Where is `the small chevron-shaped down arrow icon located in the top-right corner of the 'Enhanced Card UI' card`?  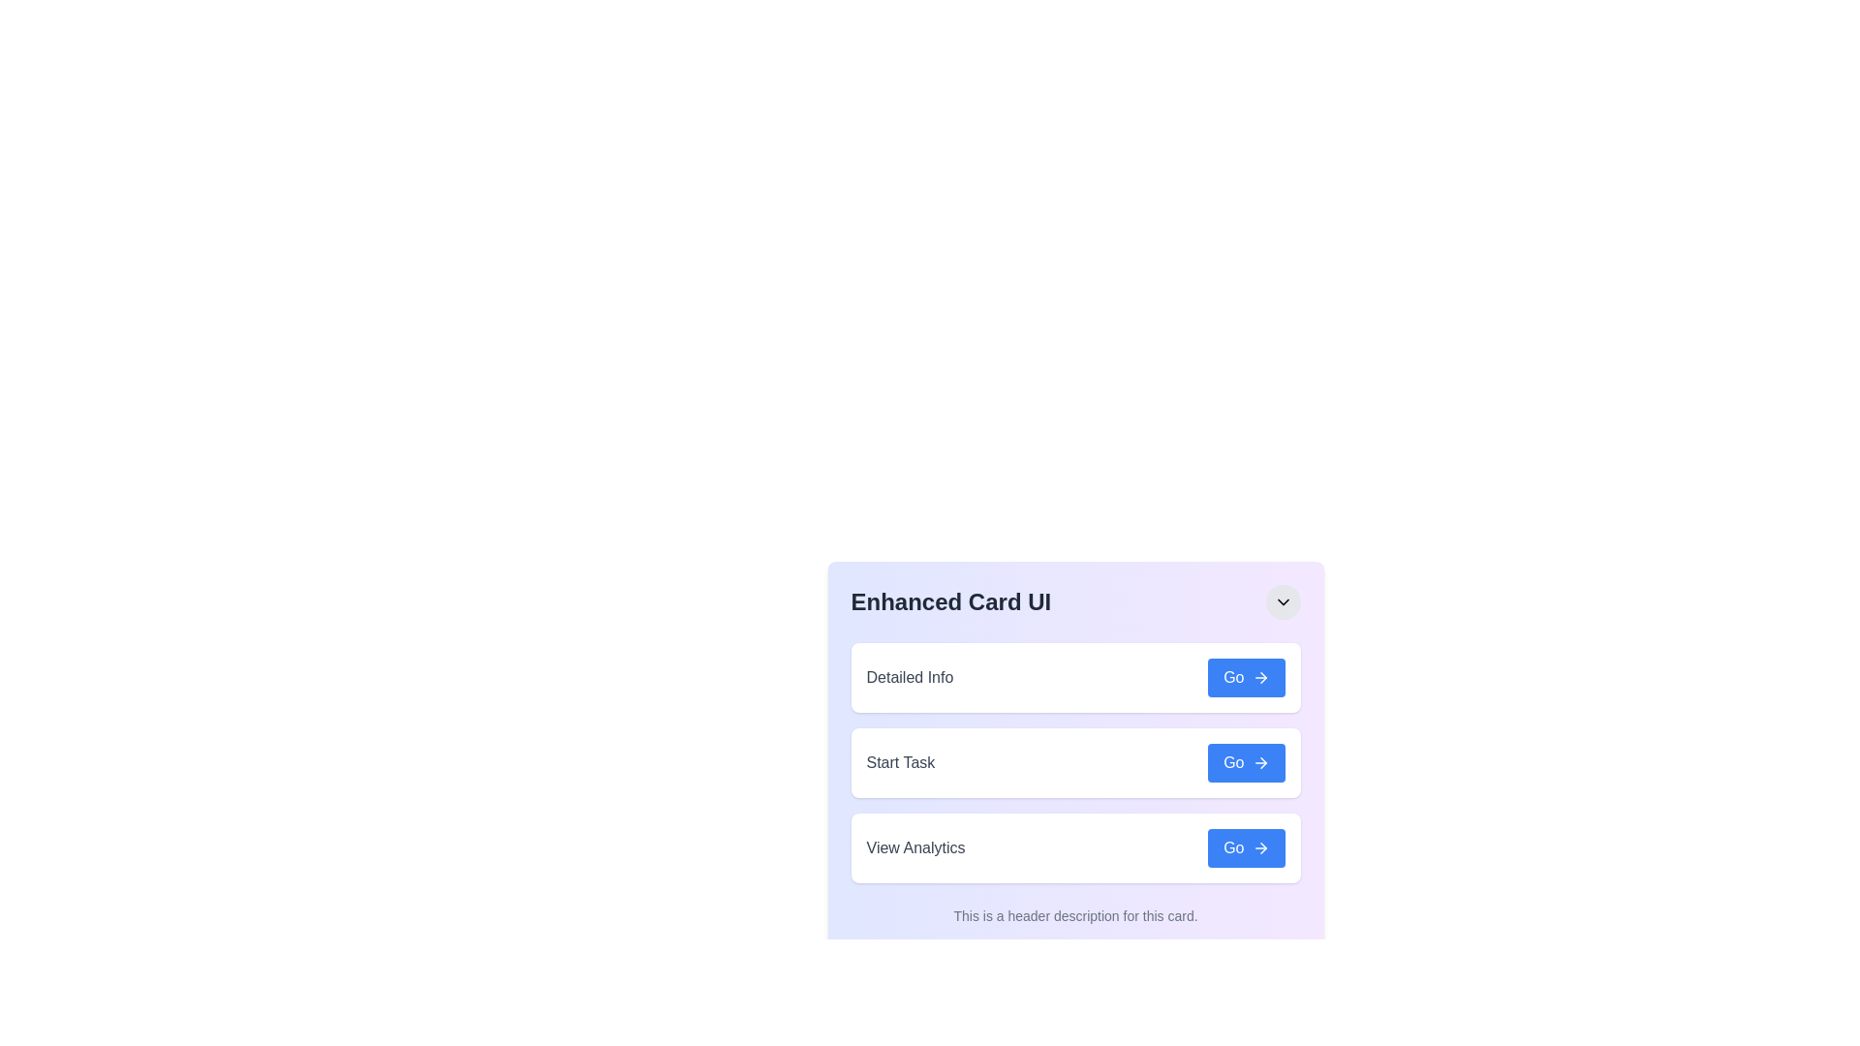
the small chevron-shaped down arrow icon located in the top-right corner of the 'Enhanced Card UI' card is located at coordinates (1283, 600).